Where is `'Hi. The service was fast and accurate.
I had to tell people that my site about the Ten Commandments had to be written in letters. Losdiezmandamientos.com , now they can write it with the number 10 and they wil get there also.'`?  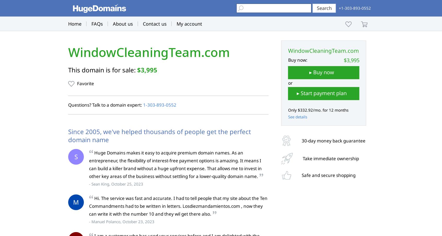
'Hi. The service was fast and accurate.
I had to tell people that my site about the Ten Commandments had to be written in letters. Losdiezmandamientos.com , now they can write it with the number 10 and they wil get there also.' is located at coordinates (89, 205).